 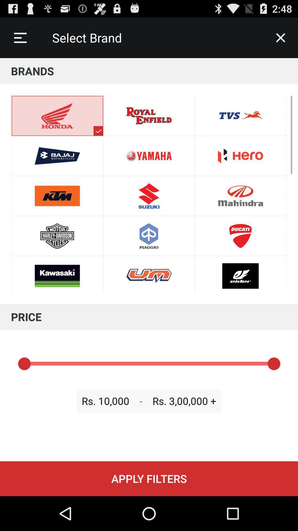 I want to click on item below the rs. 10,000 item, so click(x=149, y=478).